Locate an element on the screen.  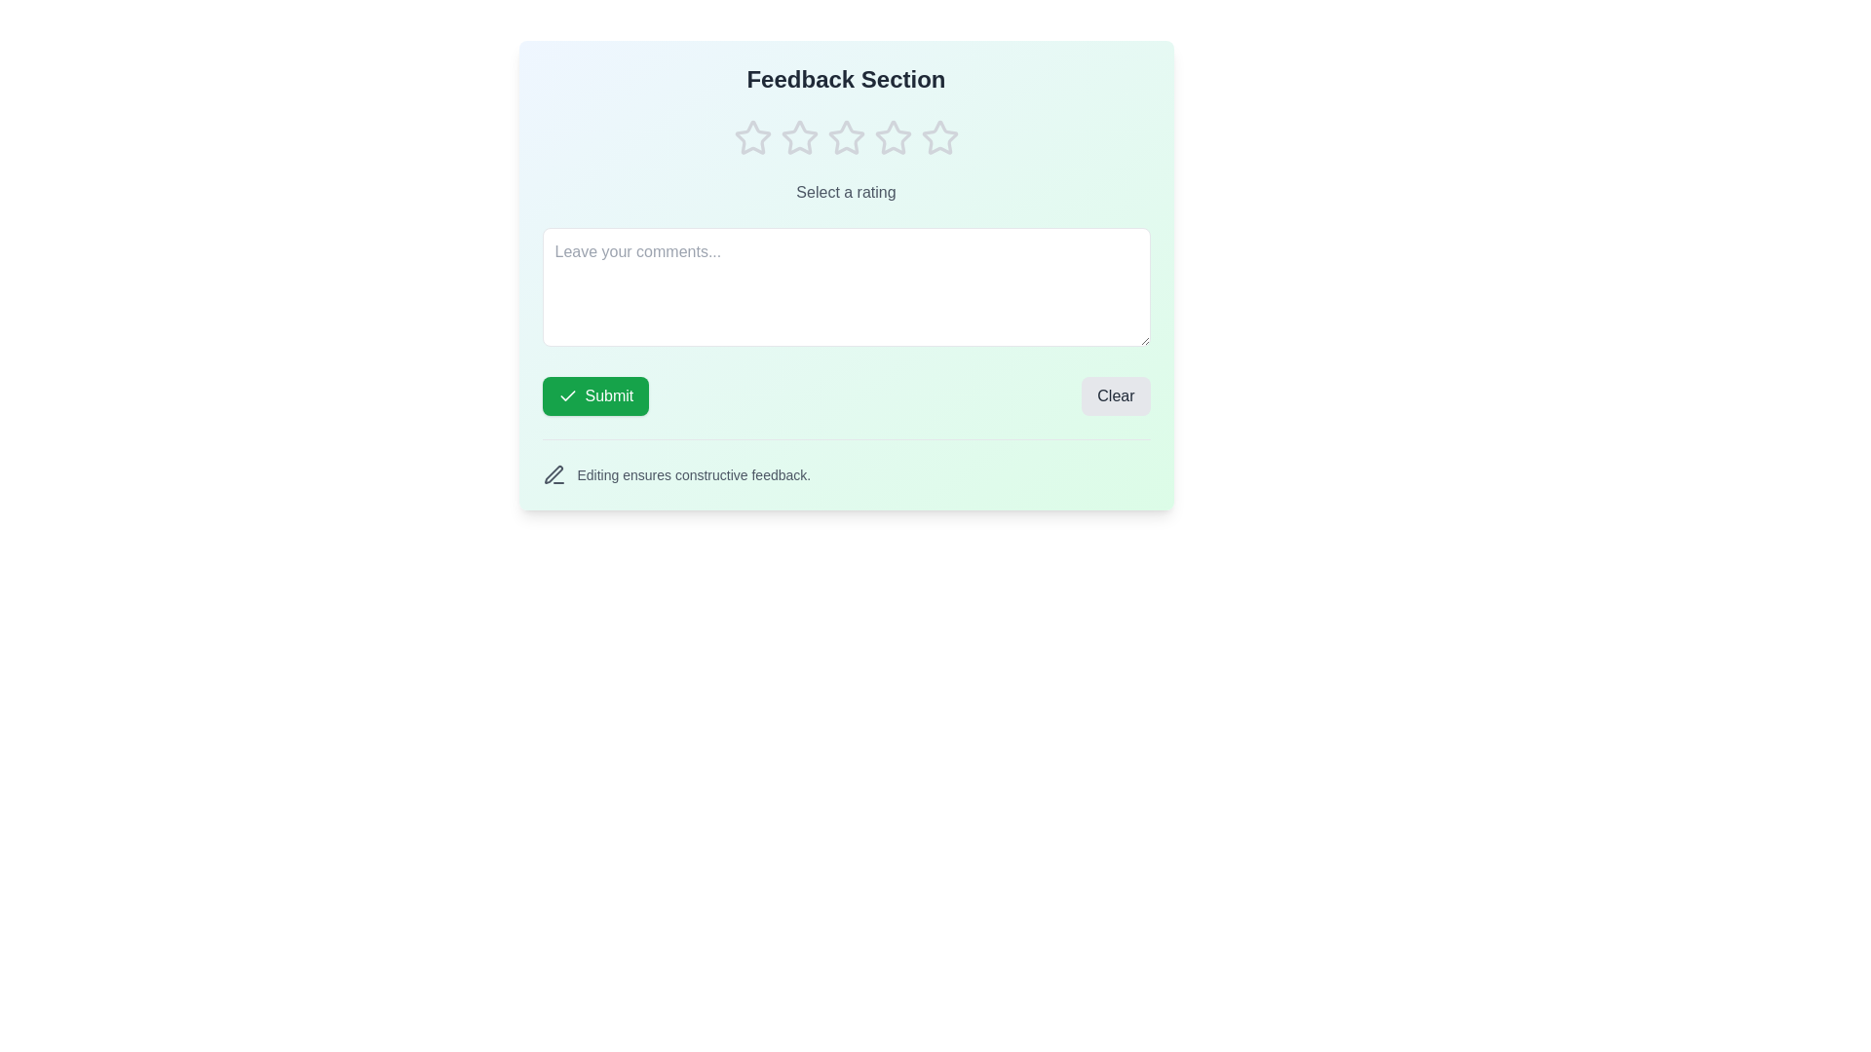
the third star icon in the star rating selection is located at coordinates (846, 137).